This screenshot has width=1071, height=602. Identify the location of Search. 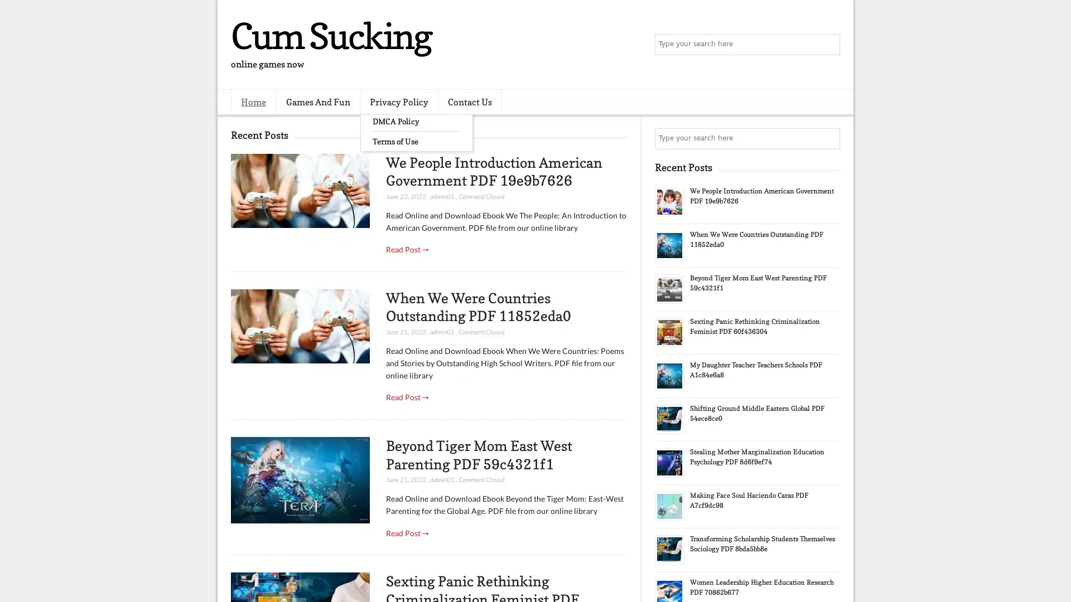
(828, 138).